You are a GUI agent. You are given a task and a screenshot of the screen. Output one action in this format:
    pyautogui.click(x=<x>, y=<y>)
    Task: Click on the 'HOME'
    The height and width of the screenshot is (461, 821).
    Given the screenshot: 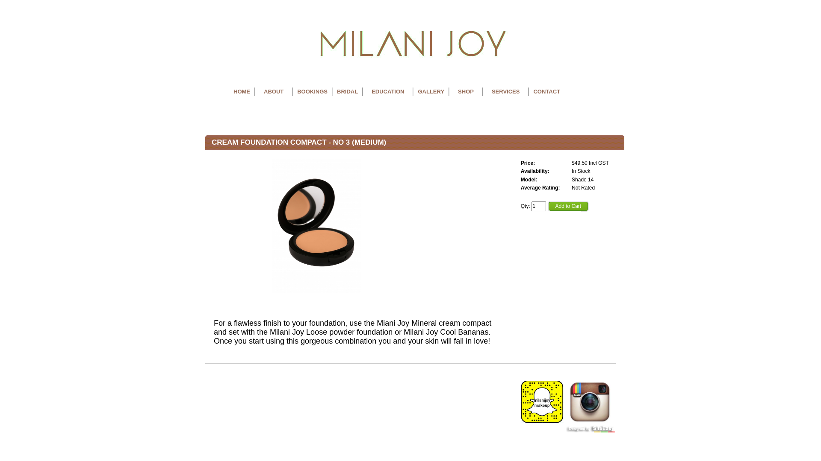 What is the action you would take?
    pyautogui.click(x=241, y=92)
    